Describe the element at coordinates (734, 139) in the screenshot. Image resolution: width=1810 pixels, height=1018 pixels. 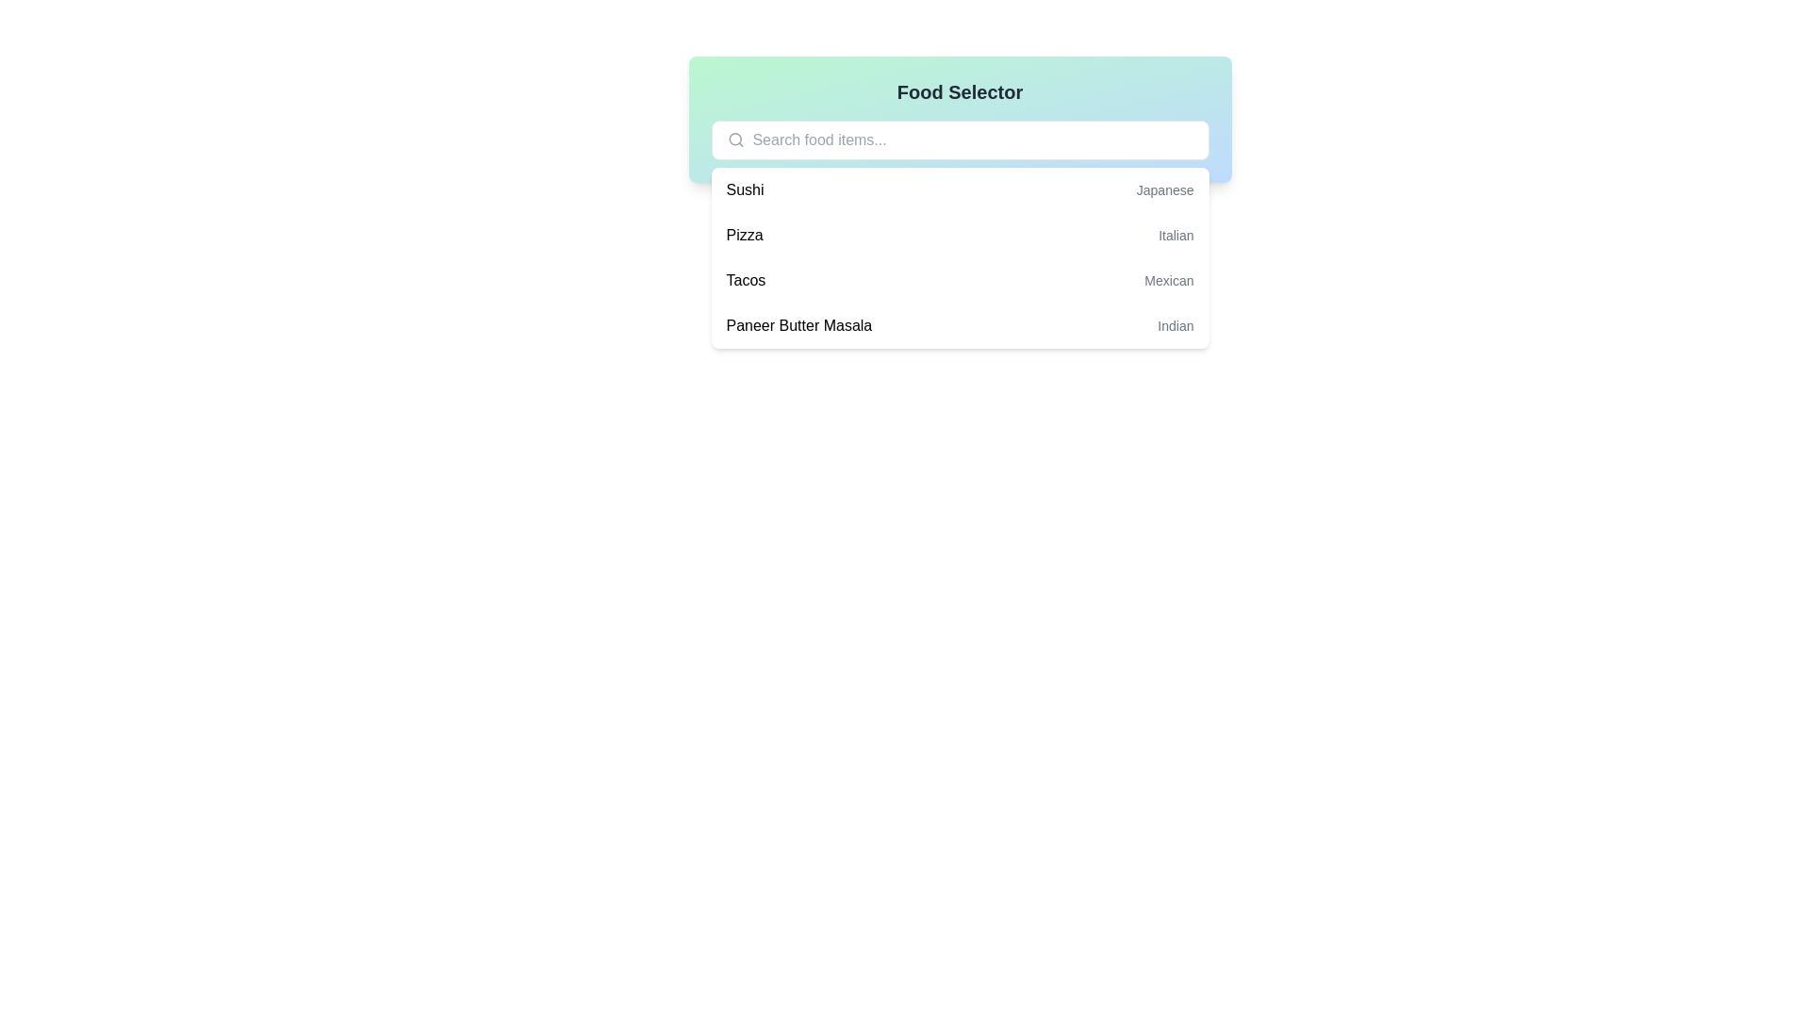
I see `the SVG circle element that represents the search functionality of the application, located to the left of the search bar` at that location.